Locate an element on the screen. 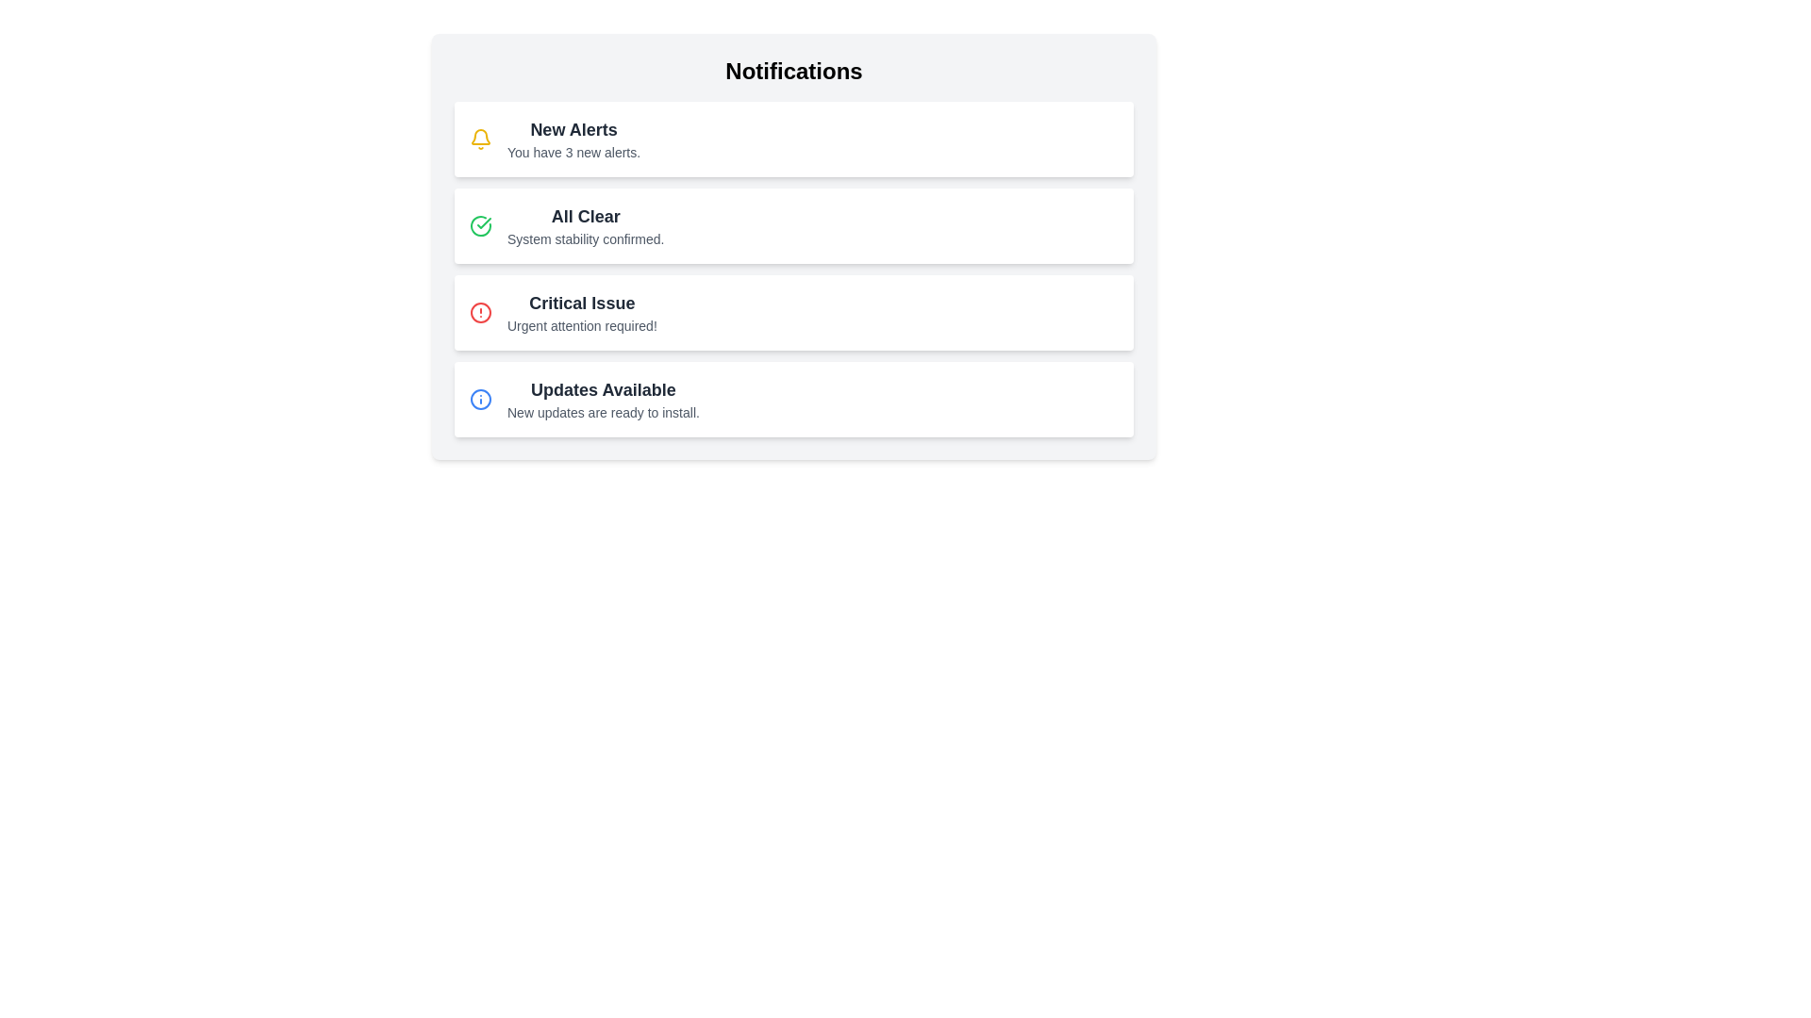  the text label that provides additional information about the number of new alerts, located directly beneath the 'New Alerts' title within the first notification card is located at coordinates (573, 152).